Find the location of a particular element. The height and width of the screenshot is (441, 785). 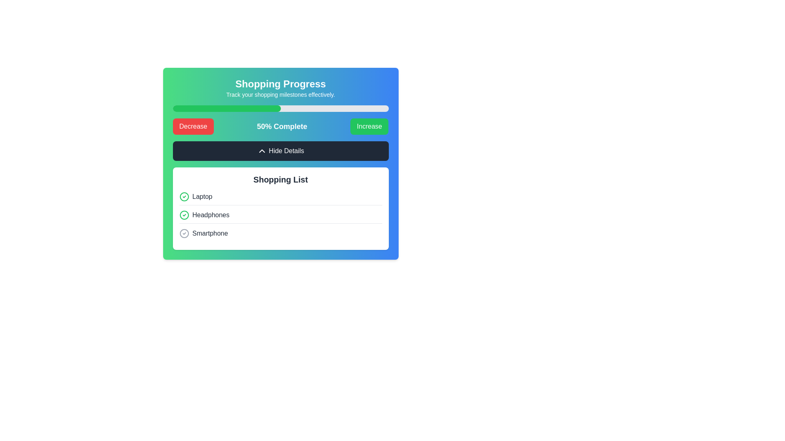

the circular vector graphic icon that visually represents the status of the 'Laptop' item in the 'Shopping List', positioned to the left of the 'Laptop' label is located at coordinates (184, 197).